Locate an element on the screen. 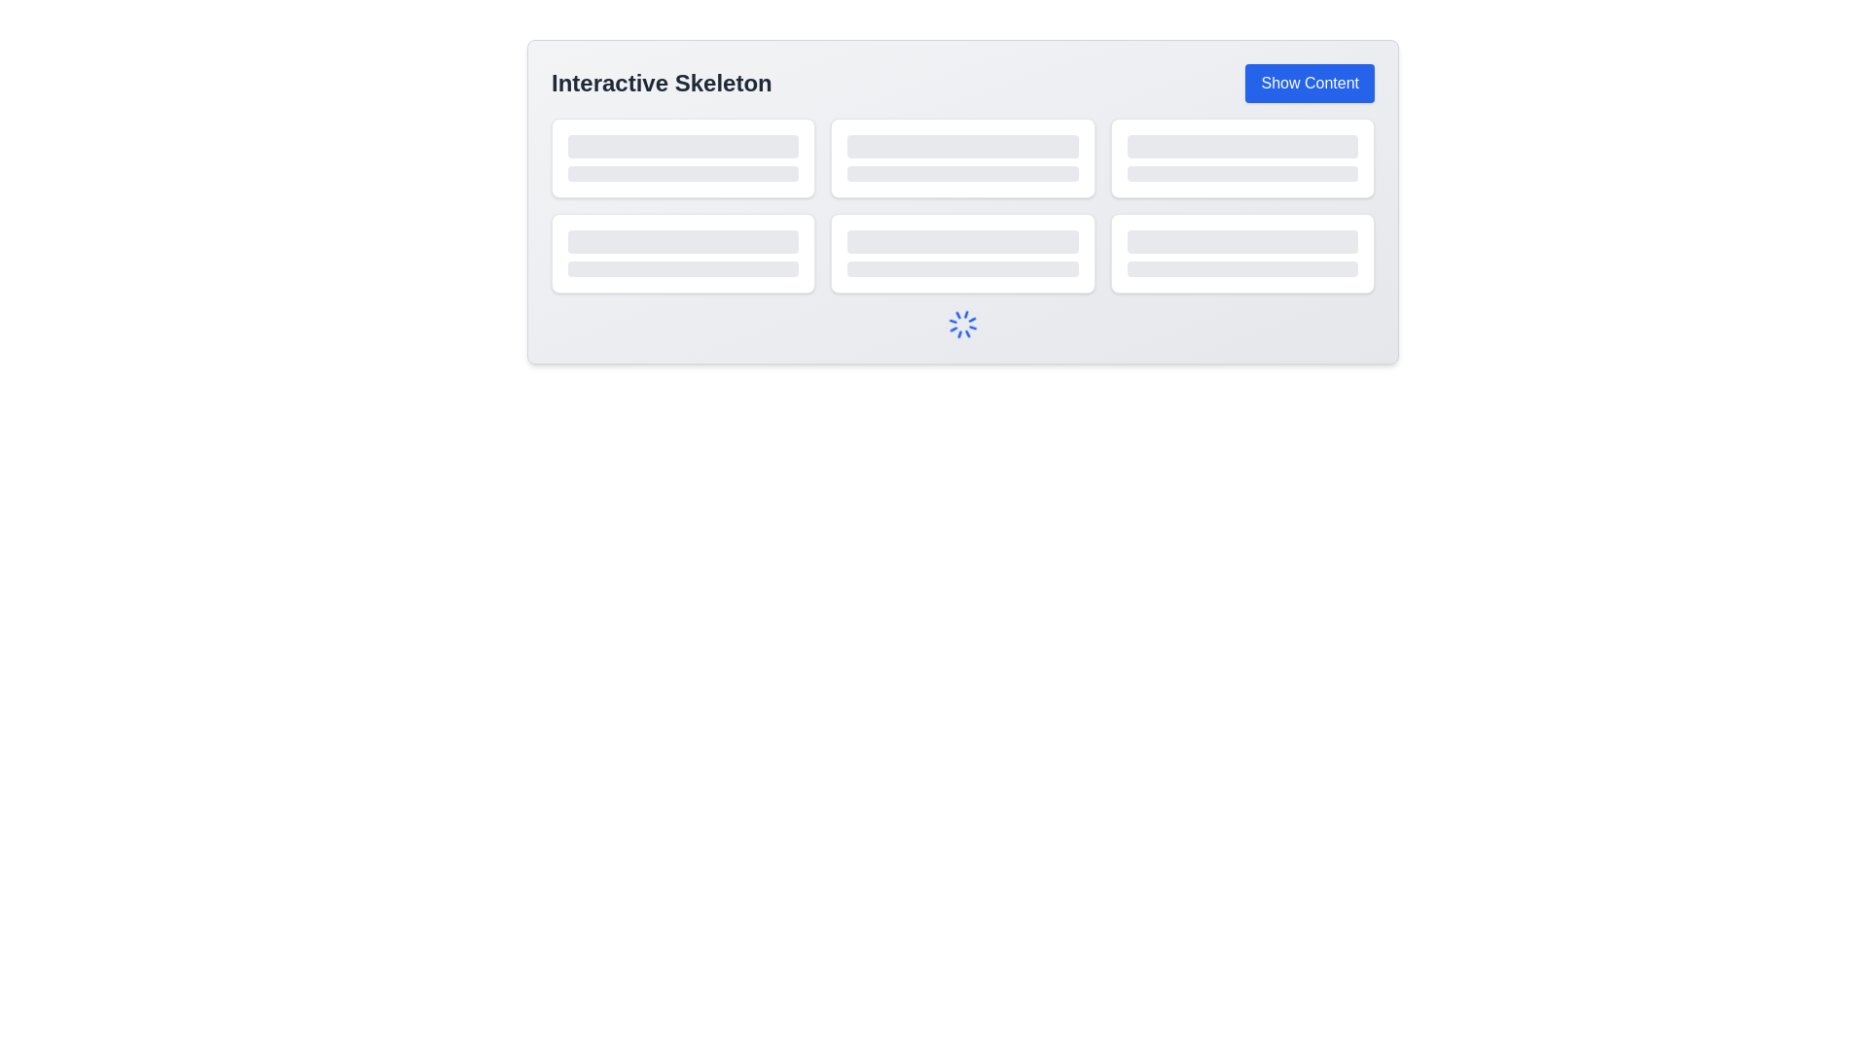 This screenshot has height=1050, width=1868. the animated placeholder, which is a rectangular div with rounded corners and a pulse animation, located within a bordered card in the top-left section of a grid layout is located at coordinates (683, 157).